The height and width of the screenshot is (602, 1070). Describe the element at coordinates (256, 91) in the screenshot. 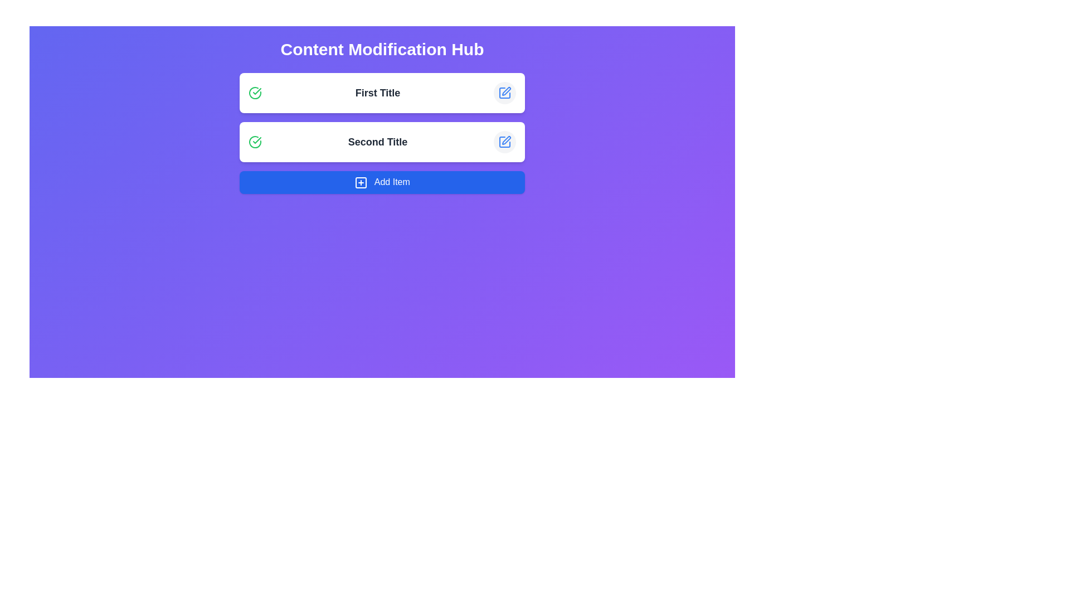

I see `properties of the checkmark-shaped SVG graphic styled in green, located within the circular badge to the left of the 'Second Title' list item` at that location.